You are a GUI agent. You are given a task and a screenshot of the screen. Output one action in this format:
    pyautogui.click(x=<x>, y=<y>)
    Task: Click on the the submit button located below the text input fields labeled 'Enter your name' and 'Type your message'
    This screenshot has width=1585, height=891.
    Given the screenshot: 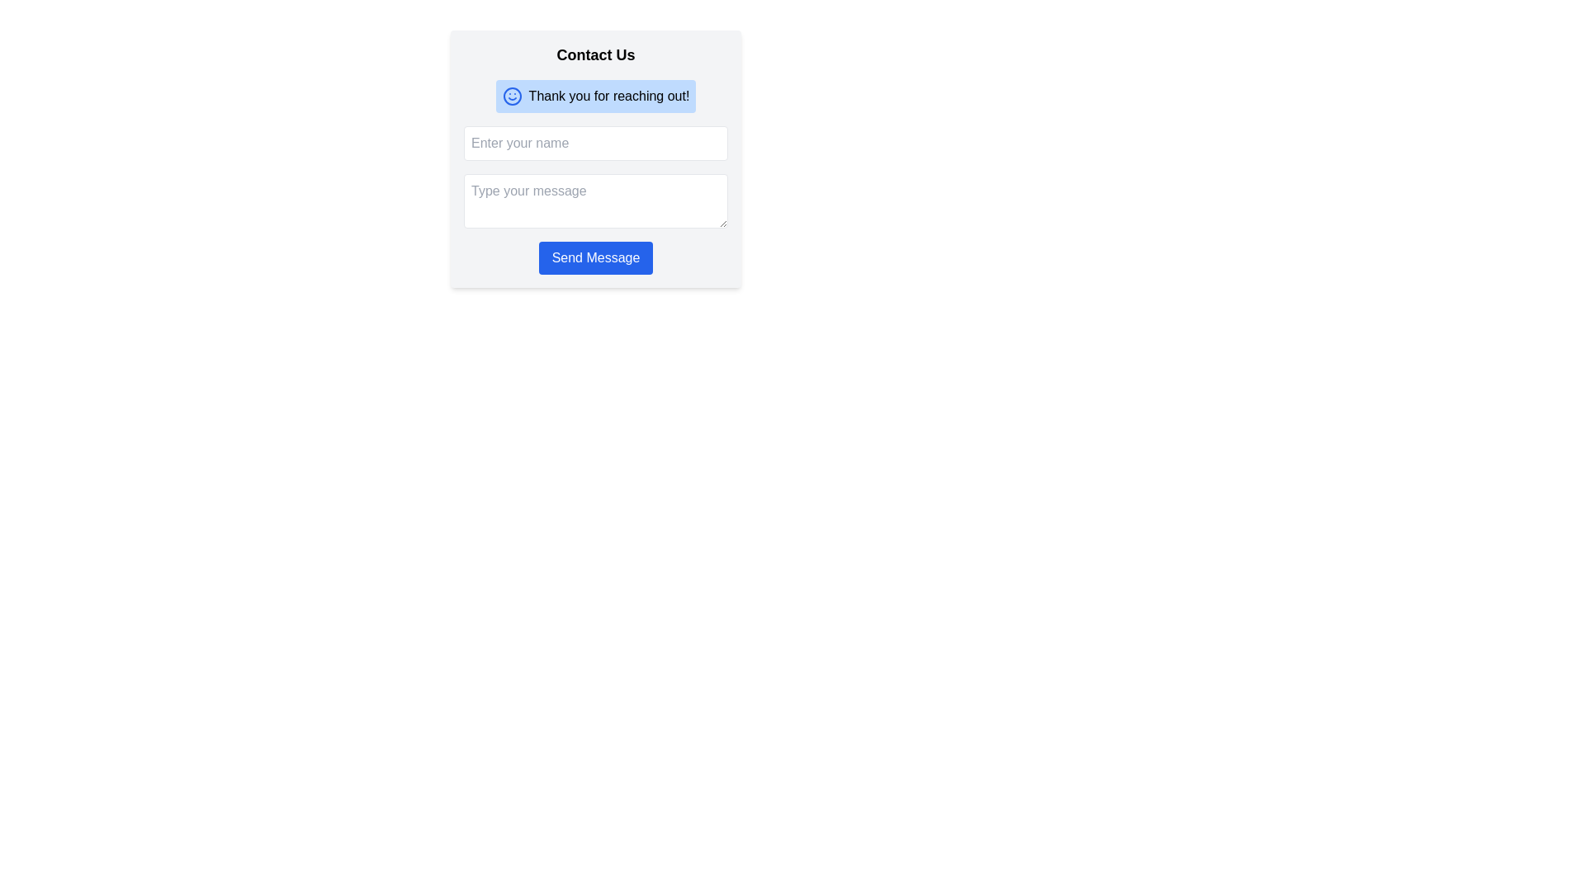 What is the action you would take?
    pyautogui.click(x=594, y=257)
    